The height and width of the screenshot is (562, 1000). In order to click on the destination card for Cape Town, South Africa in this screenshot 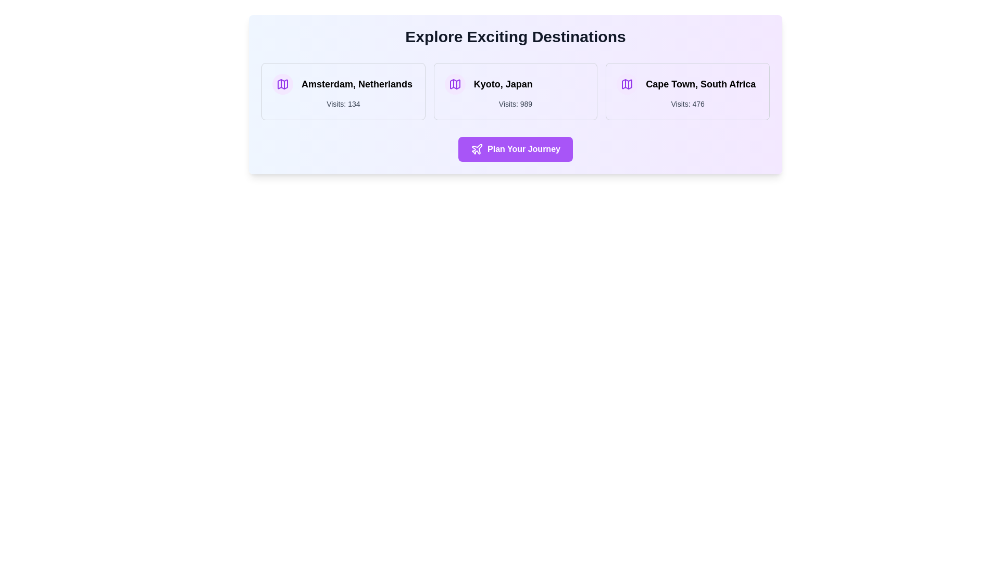, I will do `click(687, 91)`.